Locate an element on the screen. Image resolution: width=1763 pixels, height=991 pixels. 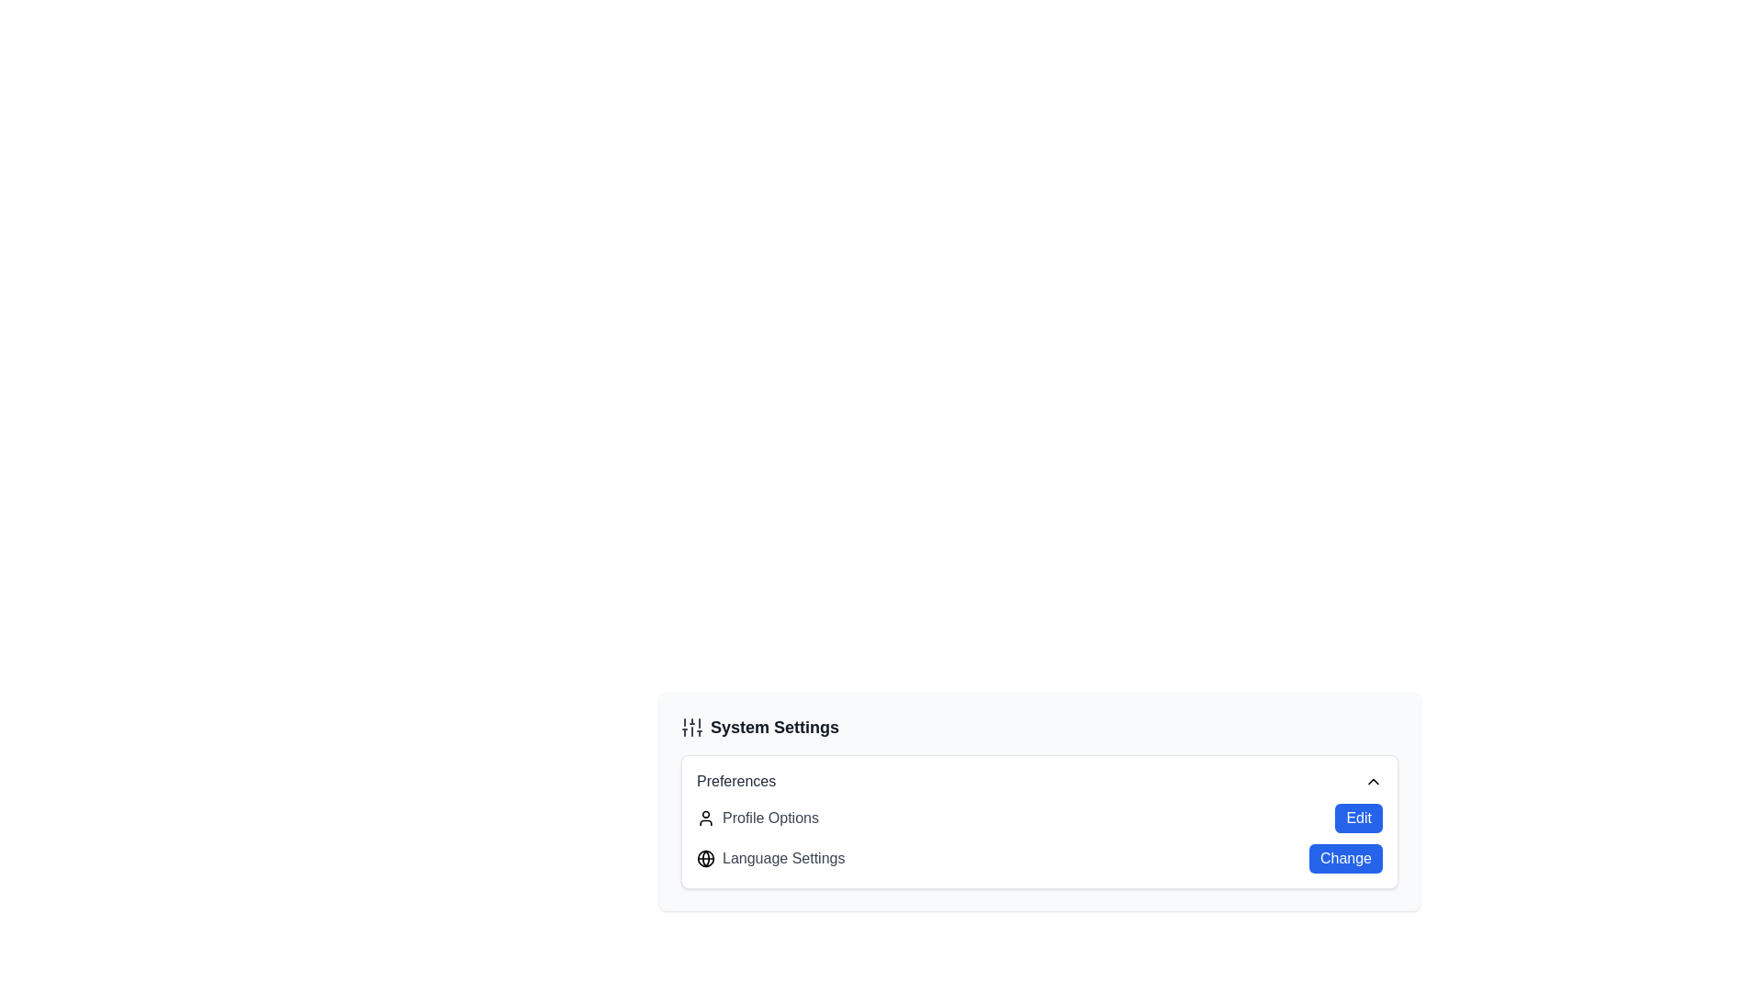
the first list item labeled 'Profile Options' with an actionable 'Edit' button in the 'Preferences' section is located at coordinates (1039, 817).